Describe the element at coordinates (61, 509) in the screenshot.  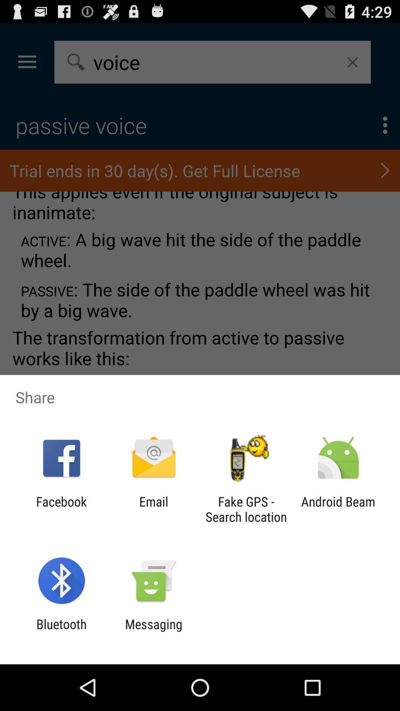
I see `the item to the left of the email app` at that location.